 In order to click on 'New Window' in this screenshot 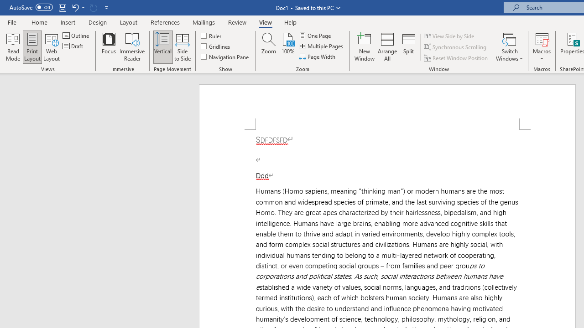, I will do `click(364, 47)`.